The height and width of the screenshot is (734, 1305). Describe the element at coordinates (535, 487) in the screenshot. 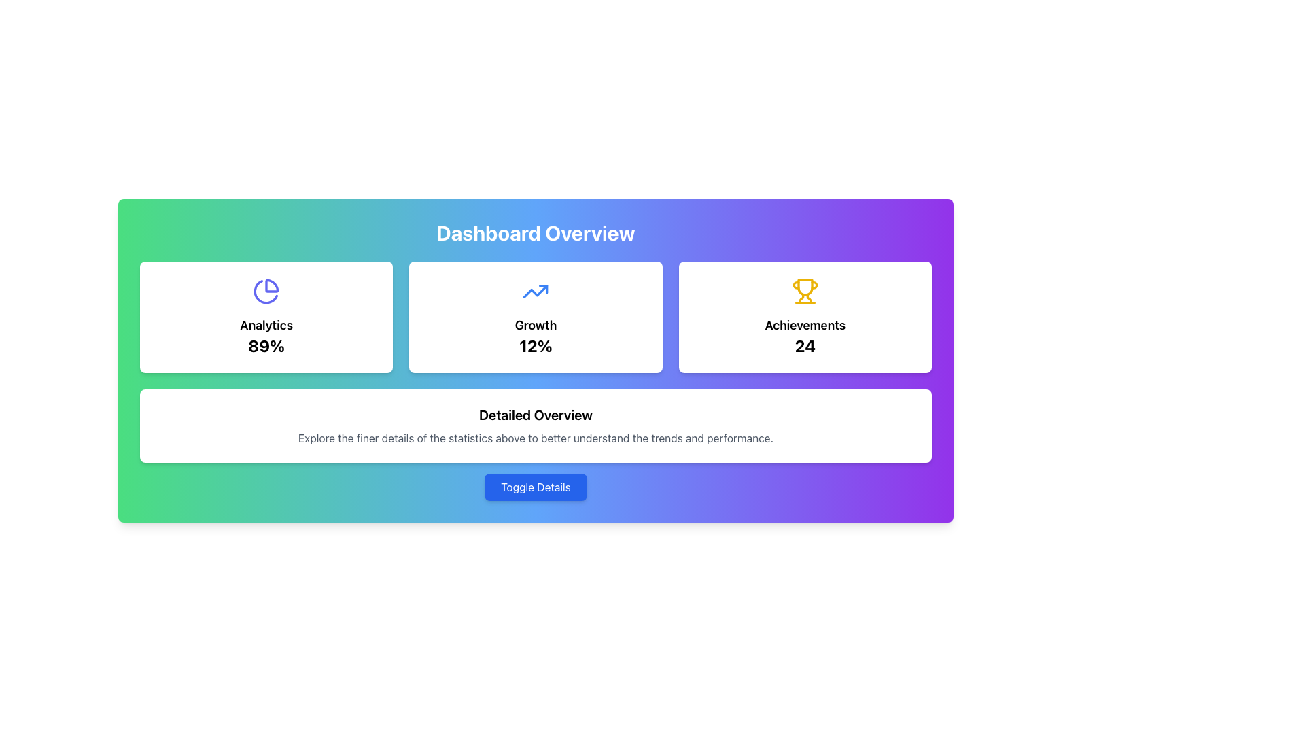

I see `the rectangular button with rounded corners and white text reading 'Toggle Details'` at that location.